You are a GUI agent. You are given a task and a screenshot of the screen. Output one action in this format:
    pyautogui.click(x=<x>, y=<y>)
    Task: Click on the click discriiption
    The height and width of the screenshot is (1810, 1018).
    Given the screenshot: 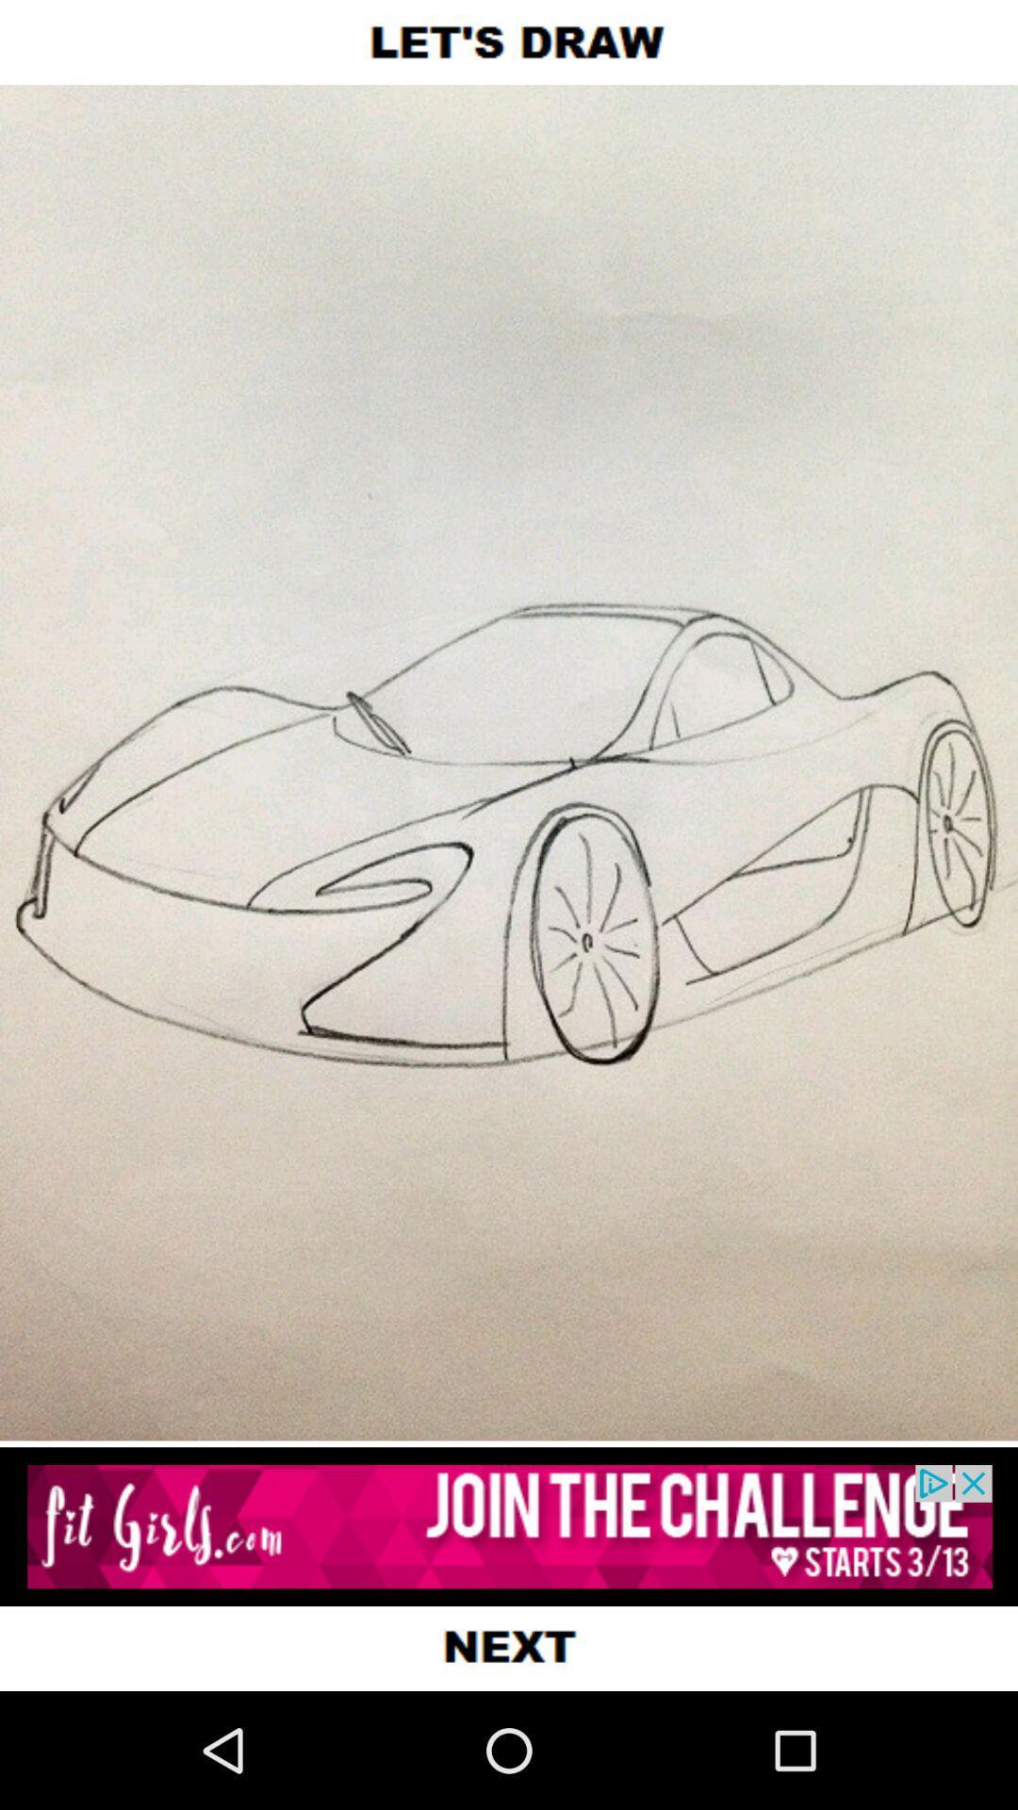 What is the action you would take?
    pyautogui.click(x=509, y=1526)
    